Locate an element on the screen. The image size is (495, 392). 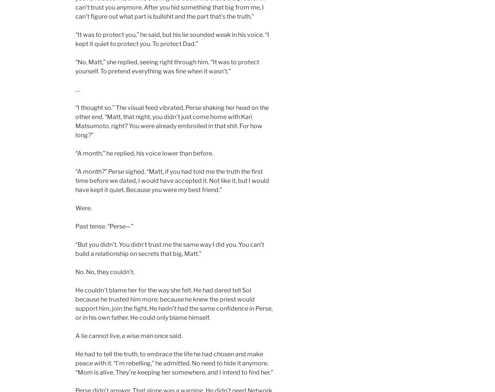
'“It was to protect you,” he said, but his lie sounded weak in his voice. “I kept it quiet to protect you. To protect Dad.”' is located at coordinates (172, 39).